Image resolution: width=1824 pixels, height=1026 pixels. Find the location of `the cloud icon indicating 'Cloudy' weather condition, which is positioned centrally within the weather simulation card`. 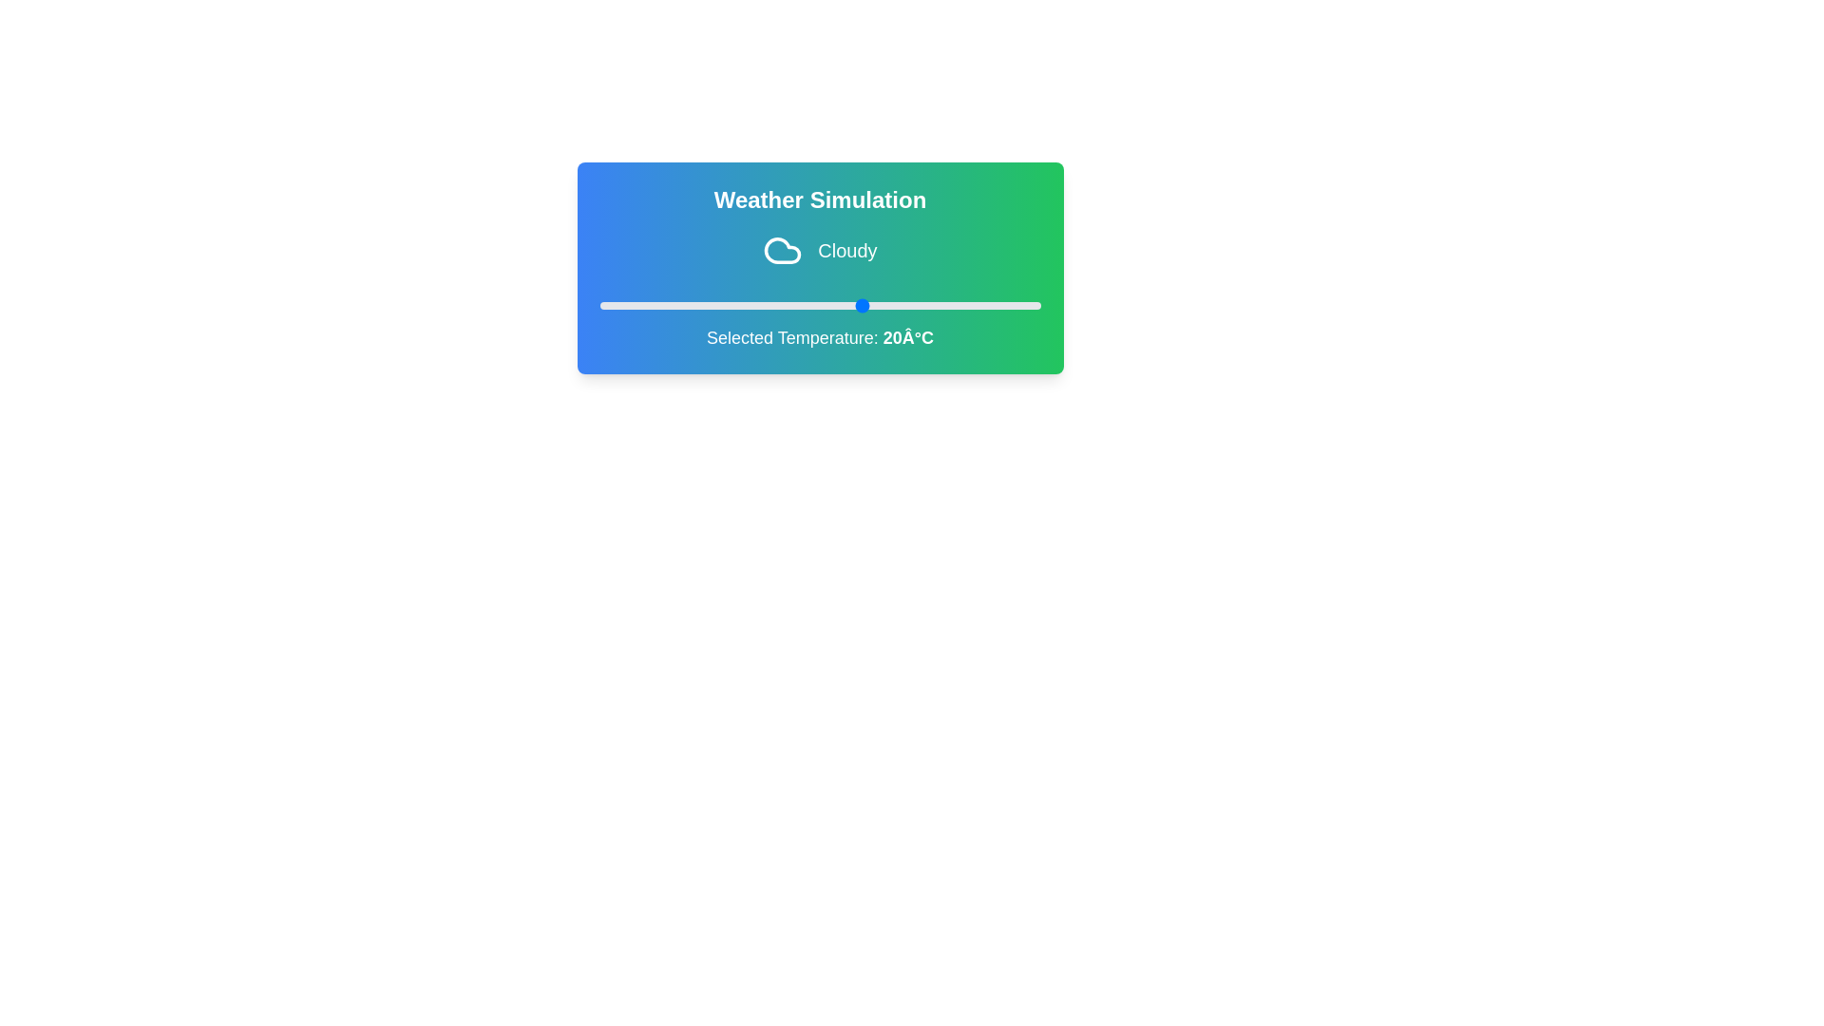

the cloud icon indicating 'Cloudy' weather condition, which is positioned centrally within the weather simulation card is located at coordinates (783, 249).